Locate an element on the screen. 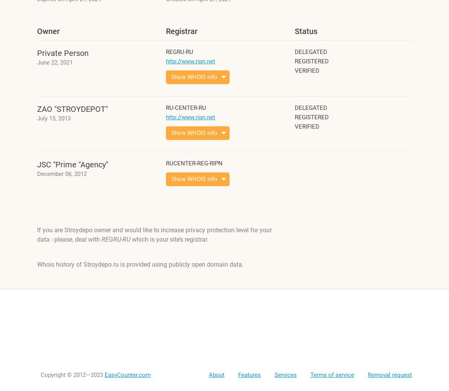 The width and height of the screenshot is (449, 391). 'July 15, 2013' is located at coordinates (53, 118).